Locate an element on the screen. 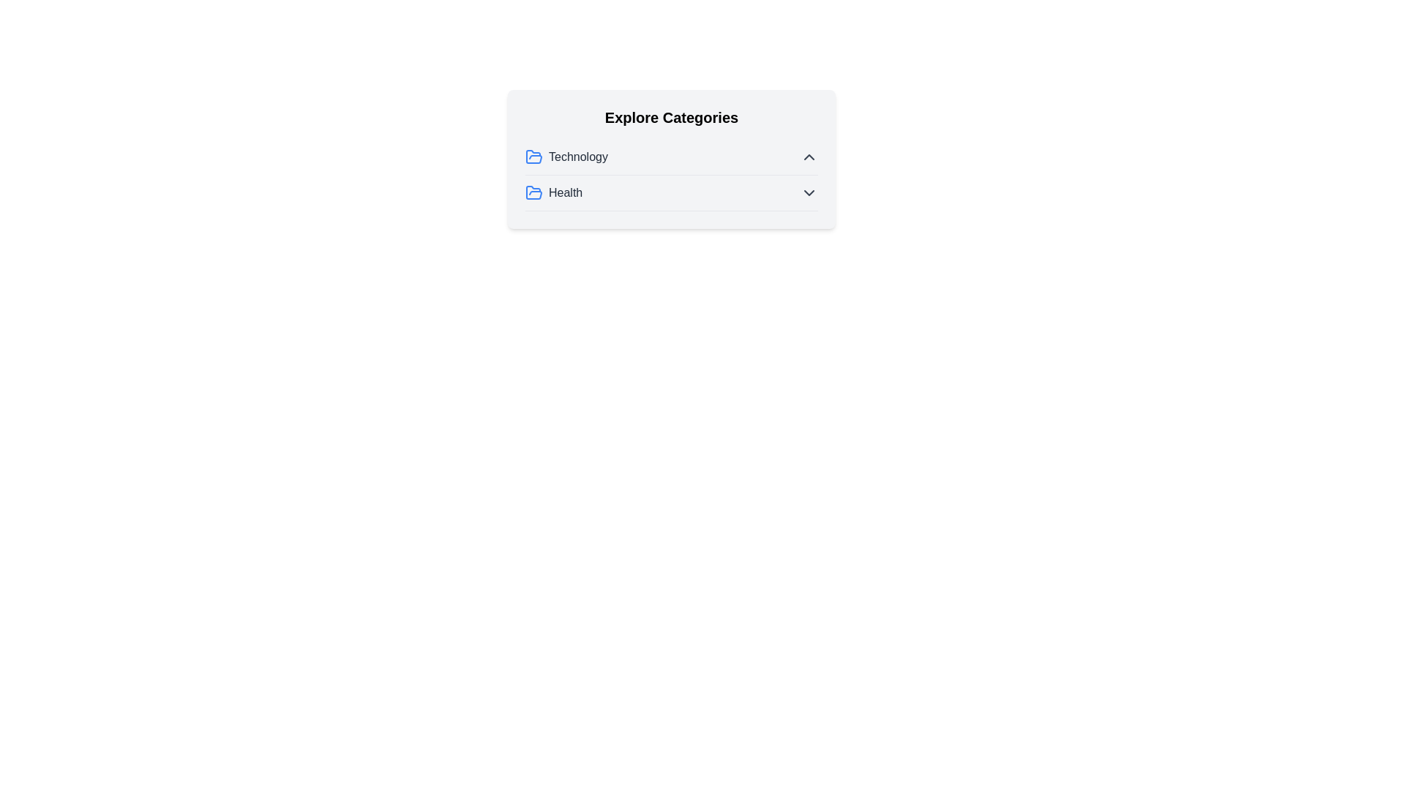  the ChevronDown icon next to the Health category to expand or collapse it is located at coordinates (808, 192).